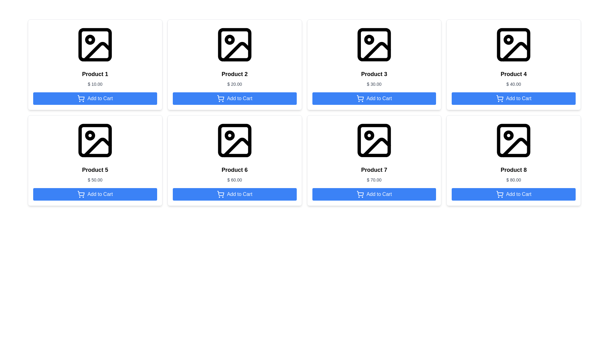 The image size is (601, 338). I want to click on the text label displaying the price '$ 80.00' located below the product name 'Product 8' and above the 'Add to Cart' button, so click(514, 180).